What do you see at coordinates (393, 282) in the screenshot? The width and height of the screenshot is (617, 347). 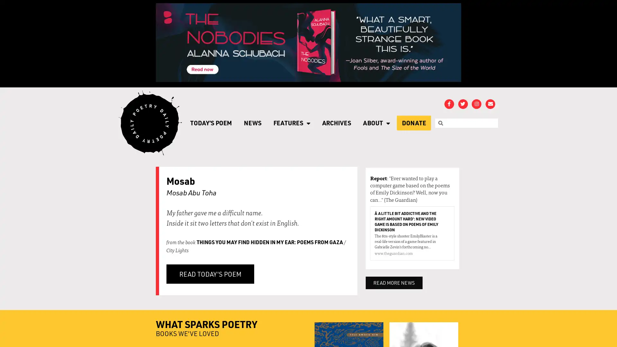 I see `READ MORE NEWS` at bounding box center [393, 282].